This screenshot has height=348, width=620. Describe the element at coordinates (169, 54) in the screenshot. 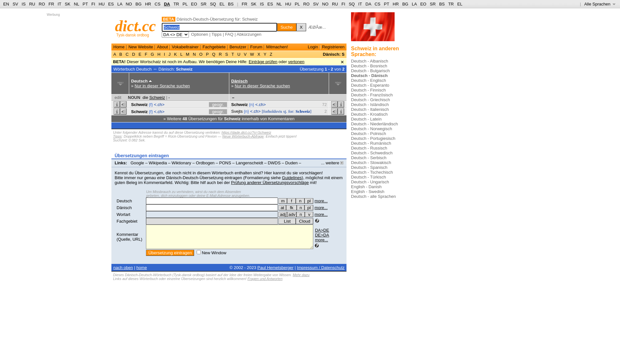

I see `'J'` at that location.